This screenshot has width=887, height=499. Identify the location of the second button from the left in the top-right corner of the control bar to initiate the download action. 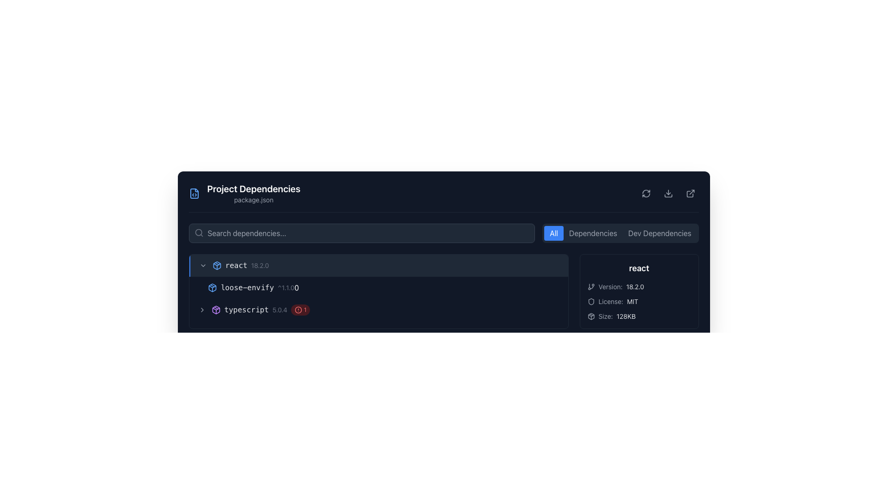
(668, 193).